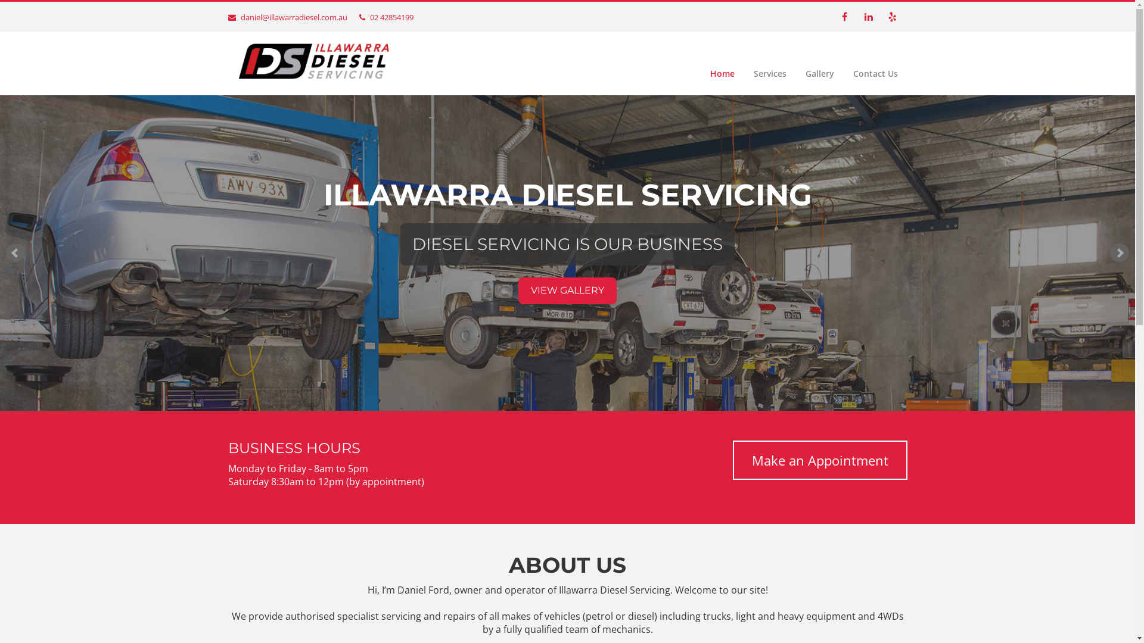 The height and width of the screenshot is (643, 1144). I want to click on 'Gallery', so click(795, 73).